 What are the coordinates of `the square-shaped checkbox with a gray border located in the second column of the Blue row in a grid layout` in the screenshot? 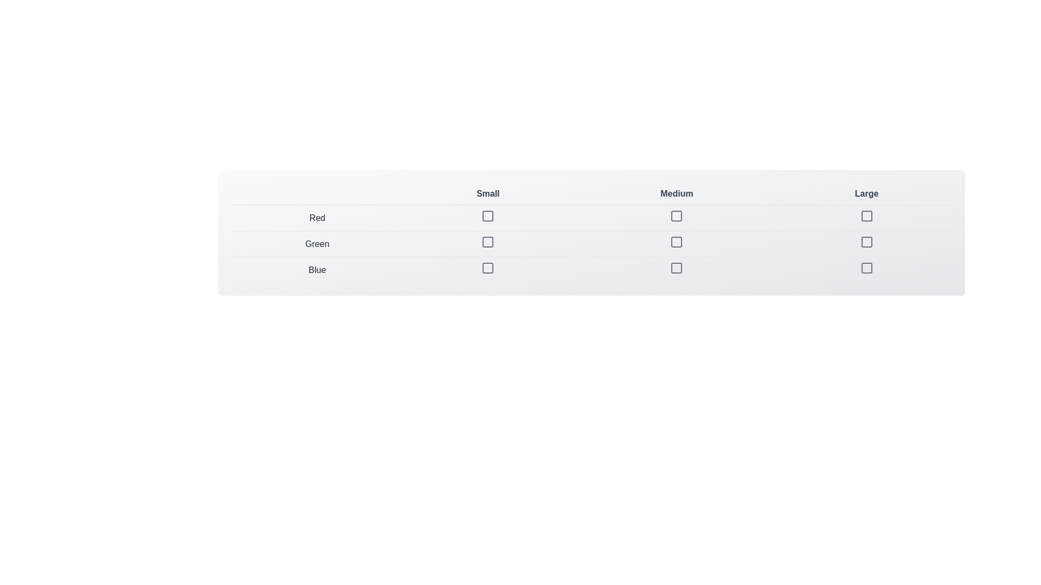 It's located at (676, 268).